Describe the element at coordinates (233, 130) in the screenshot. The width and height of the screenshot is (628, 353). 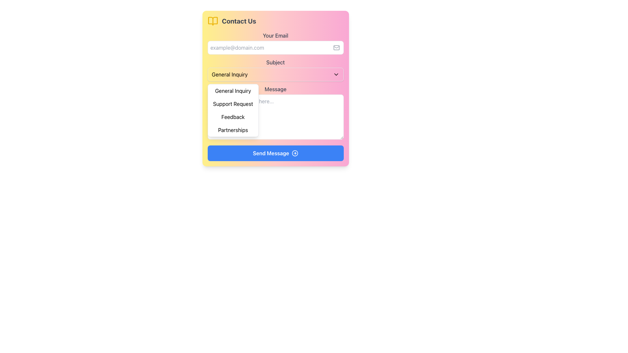
I see `the selectable dropdown option for 'Partnerships' in the fourth position of the dropdown list` at that location.